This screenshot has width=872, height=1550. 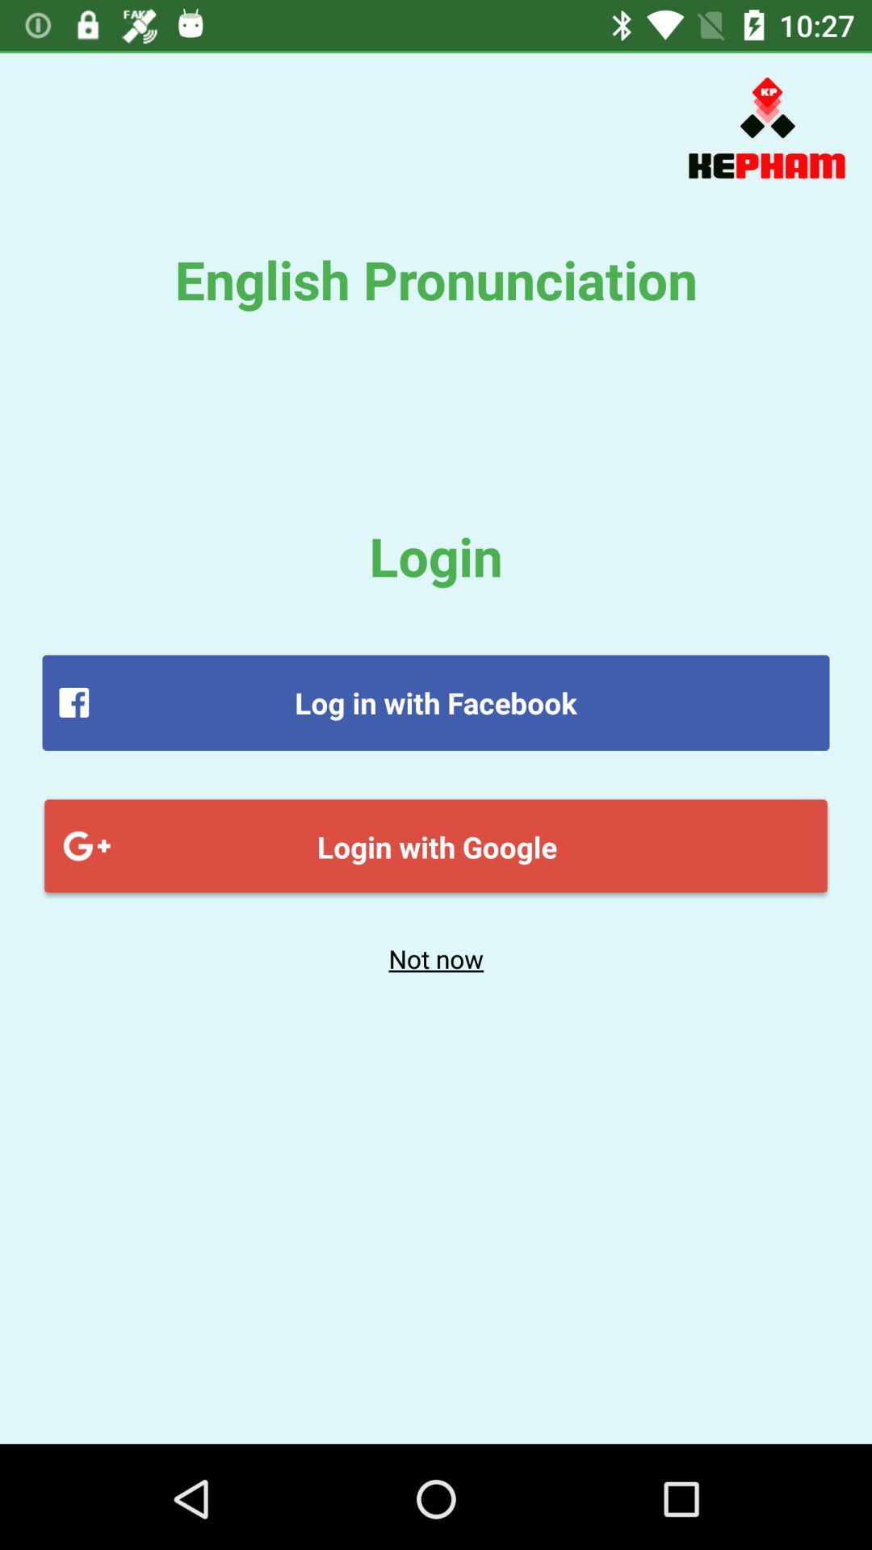 What do you see at coordinates (436, 702) in the screenshot?
I see `the item above login with google icon` at bounding box center [436, 702].